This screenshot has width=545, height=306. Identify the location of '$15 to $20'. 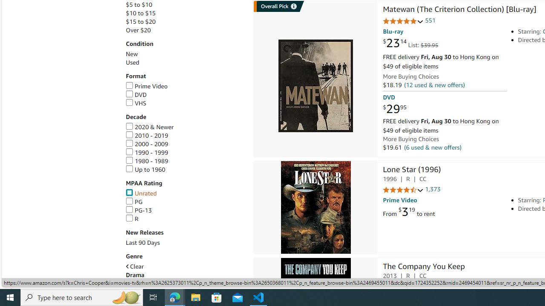
(141, 21).